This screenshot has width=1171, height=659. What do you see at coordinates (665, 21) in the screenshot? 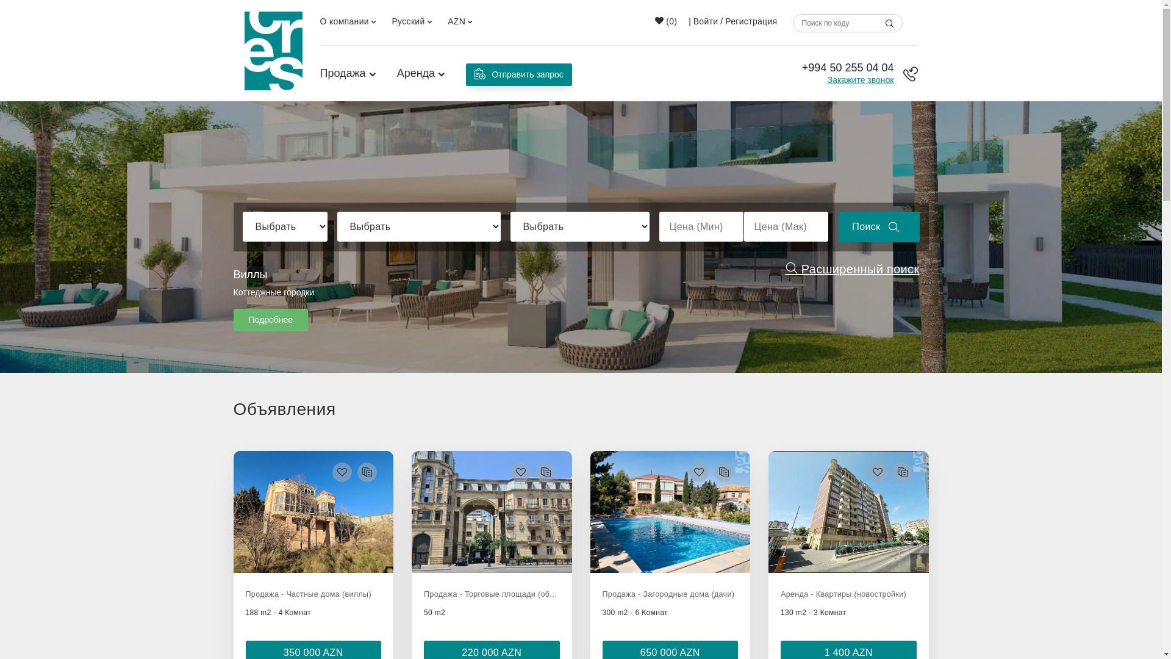
I see `'(0)'` at bounding box center [665, 21].